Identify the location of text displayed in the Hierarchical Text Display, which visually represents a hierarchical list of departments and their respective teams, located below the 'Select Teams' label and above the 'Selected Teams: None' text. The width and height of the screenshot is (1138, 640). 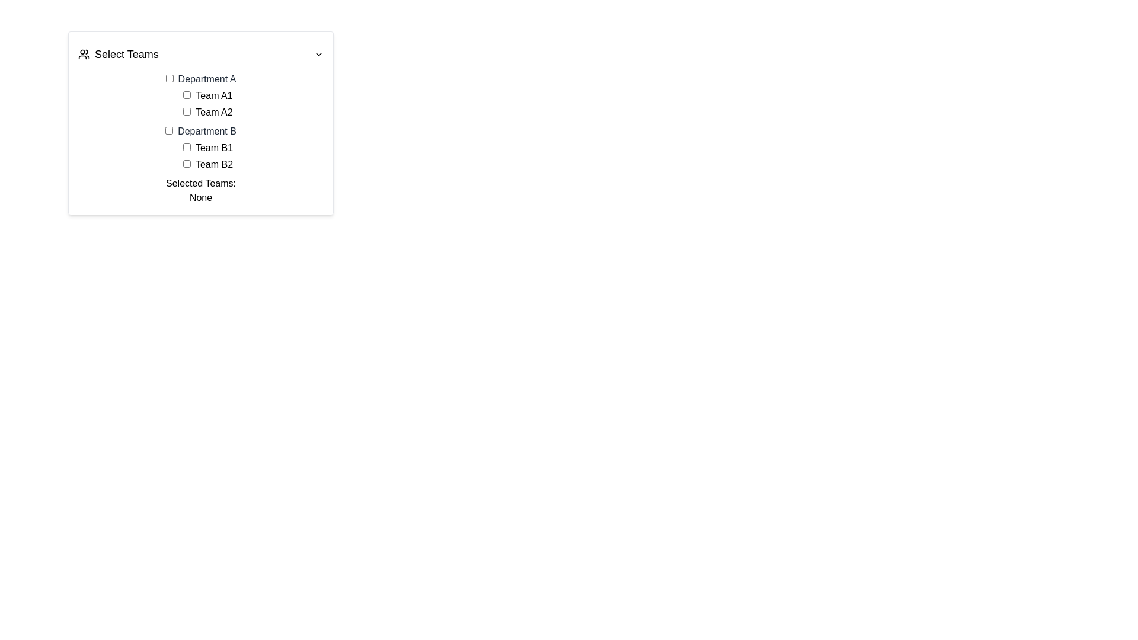
(201, 121).